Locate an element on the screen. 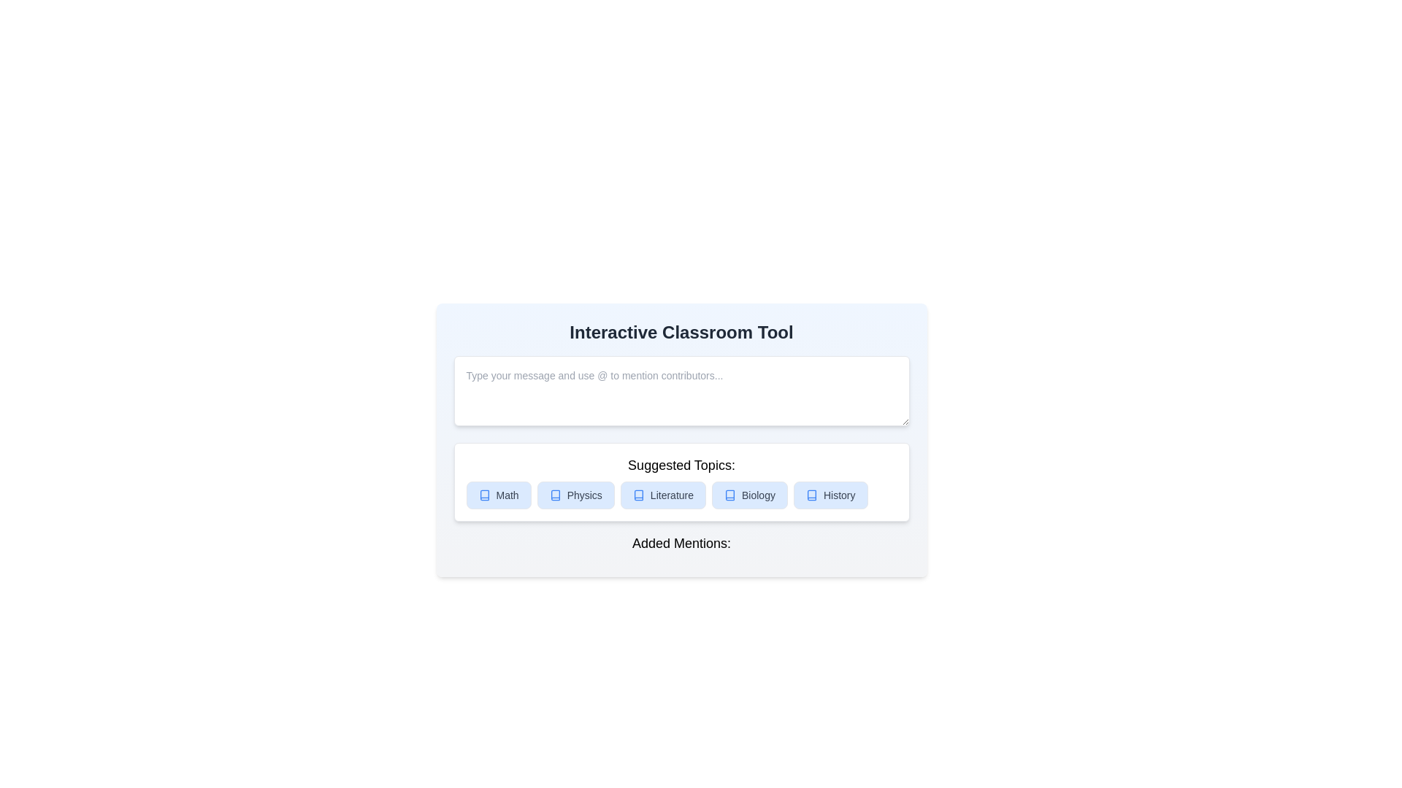 Image resolution: width=1402 pixels, height=788 pixels. the visual cue provided by the 'Biology' topic icon, which is the fourth button from the left in the bottom section of the interface is located at coordinates (729, 494).